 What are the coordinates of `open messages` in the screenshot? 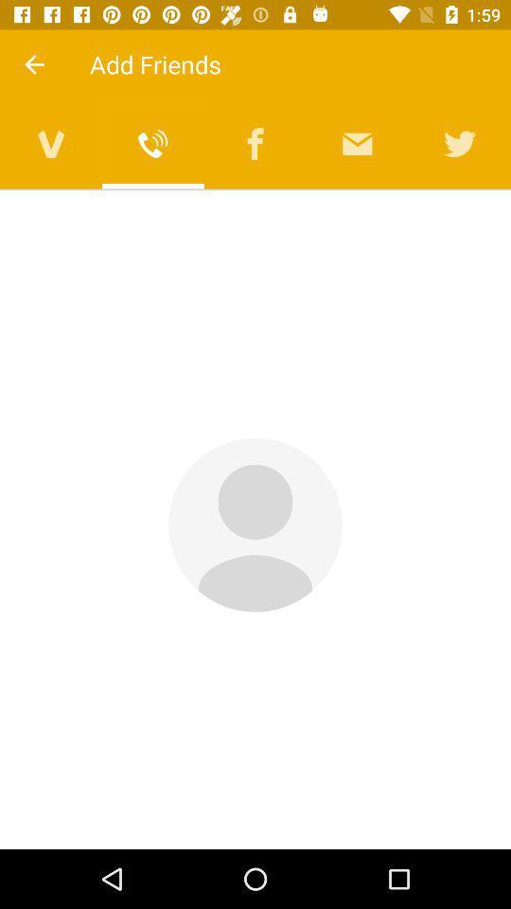 It's located at (358, 143).